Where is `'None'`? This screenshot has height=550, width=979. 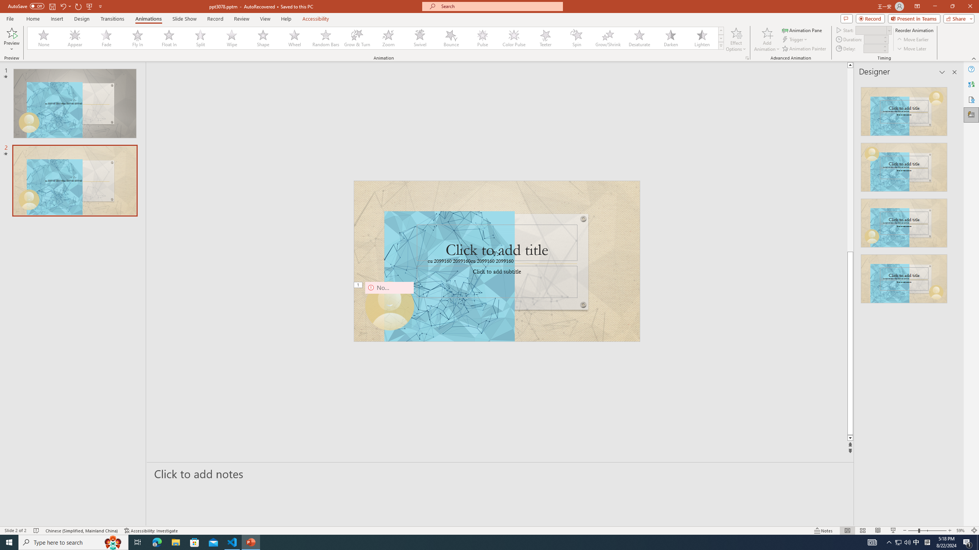
'None' is located at coordinates (44, 38).